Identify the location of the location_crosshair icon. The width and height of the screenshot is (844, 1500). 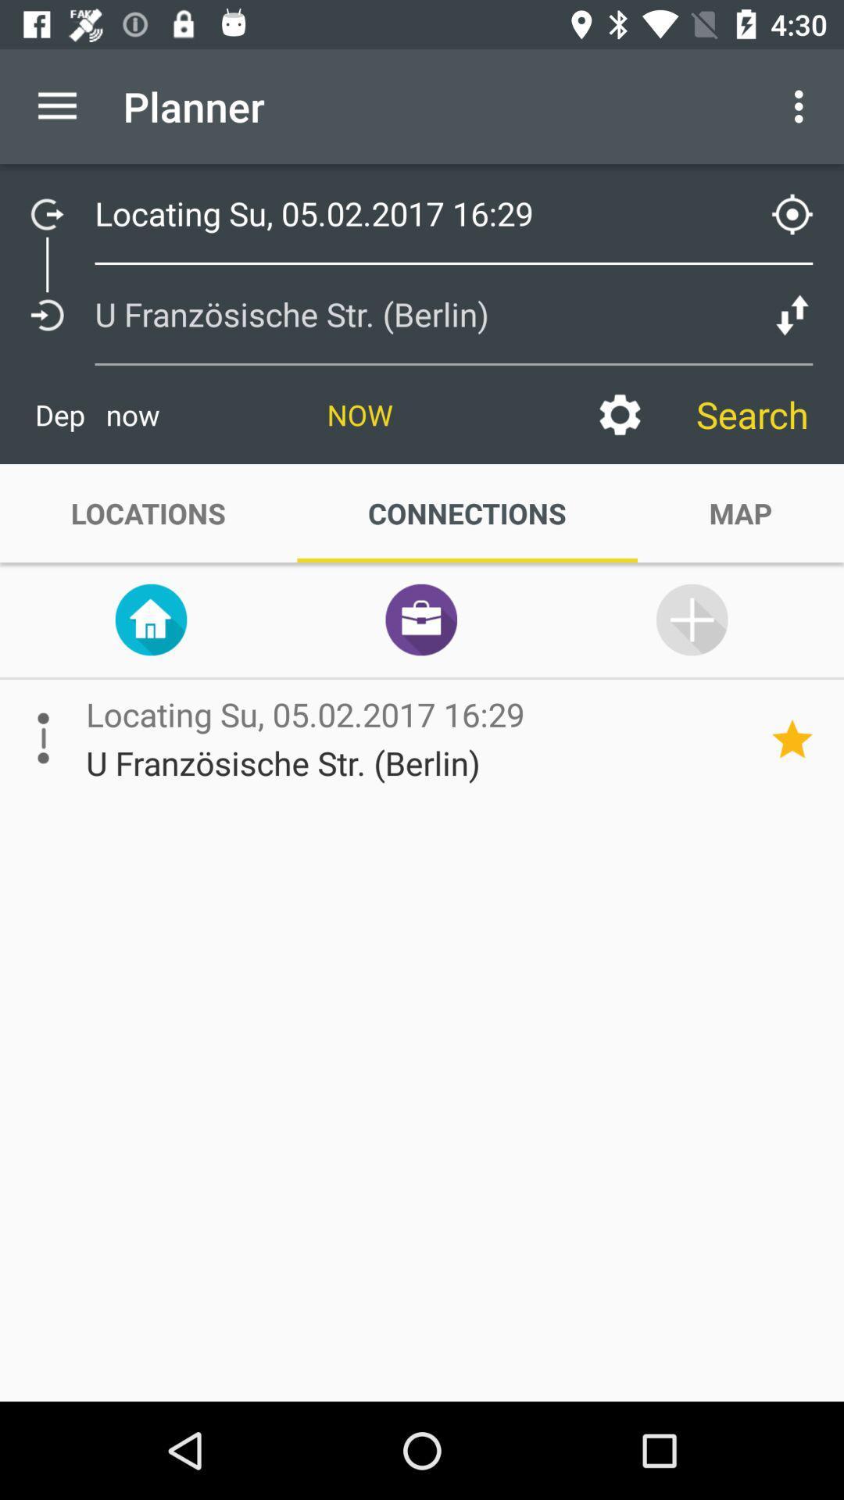
(792, 213).